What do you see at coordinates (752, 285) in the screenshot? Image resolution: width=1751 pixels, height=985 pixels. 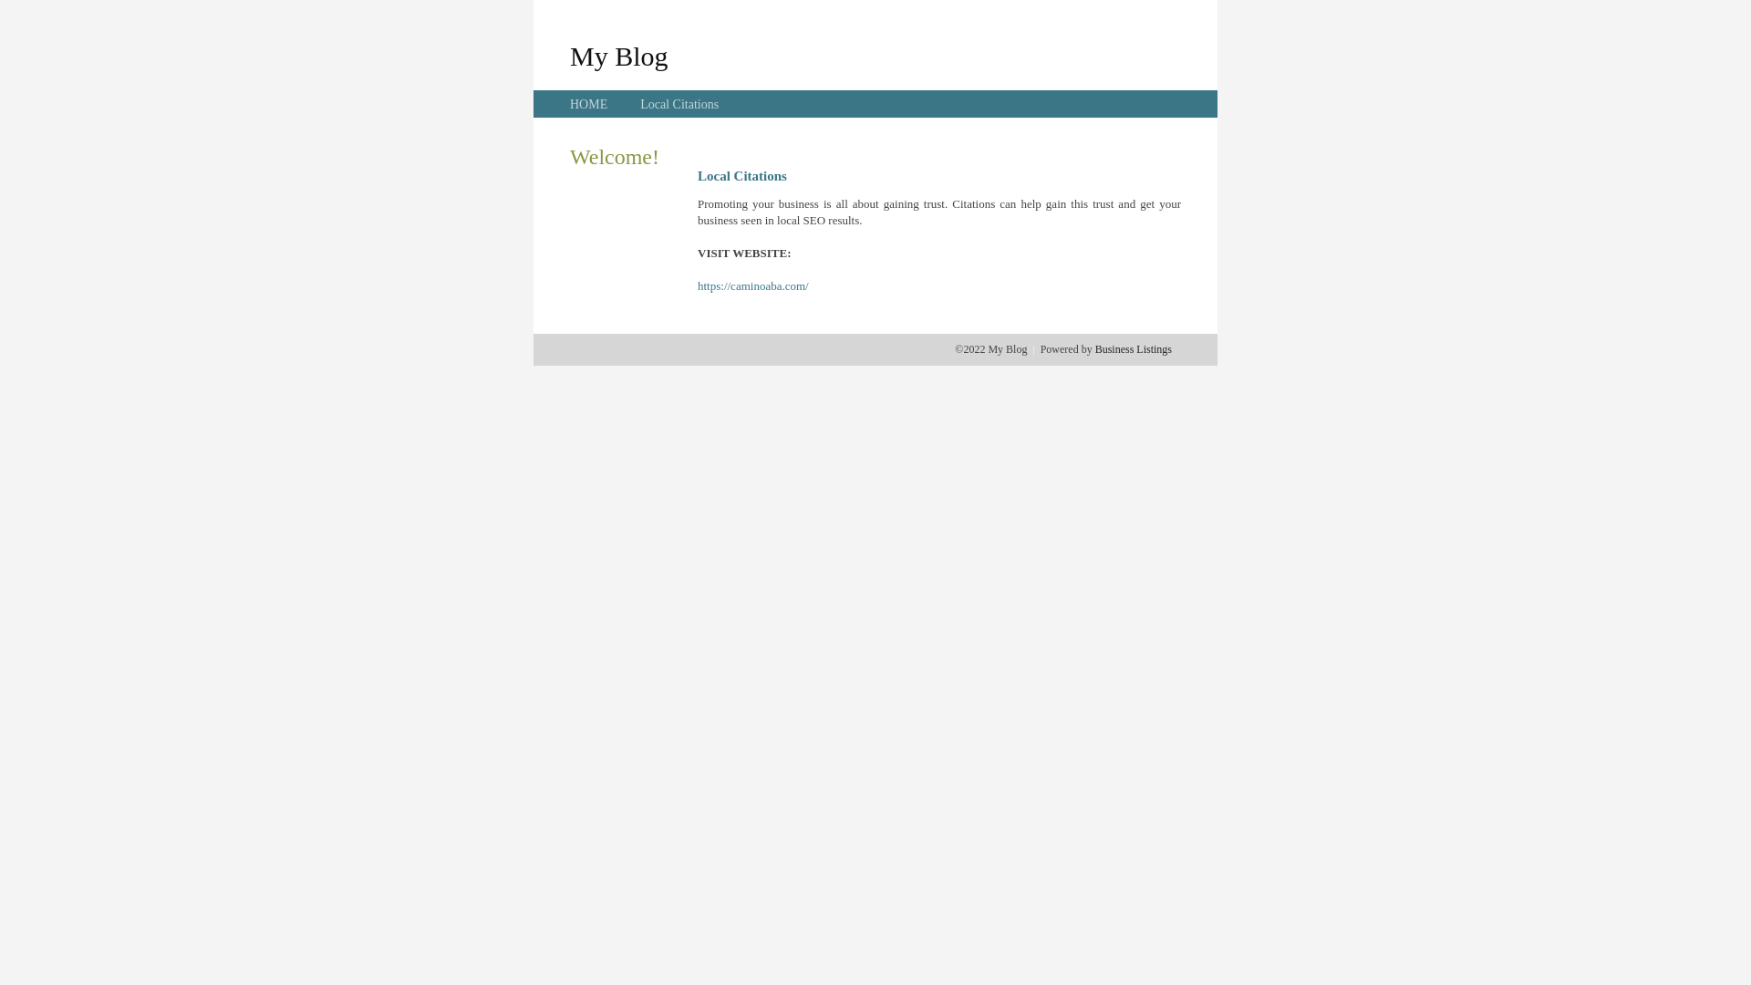 I see `'https://caminoaba.com/'` at bounding box center [752, 285].